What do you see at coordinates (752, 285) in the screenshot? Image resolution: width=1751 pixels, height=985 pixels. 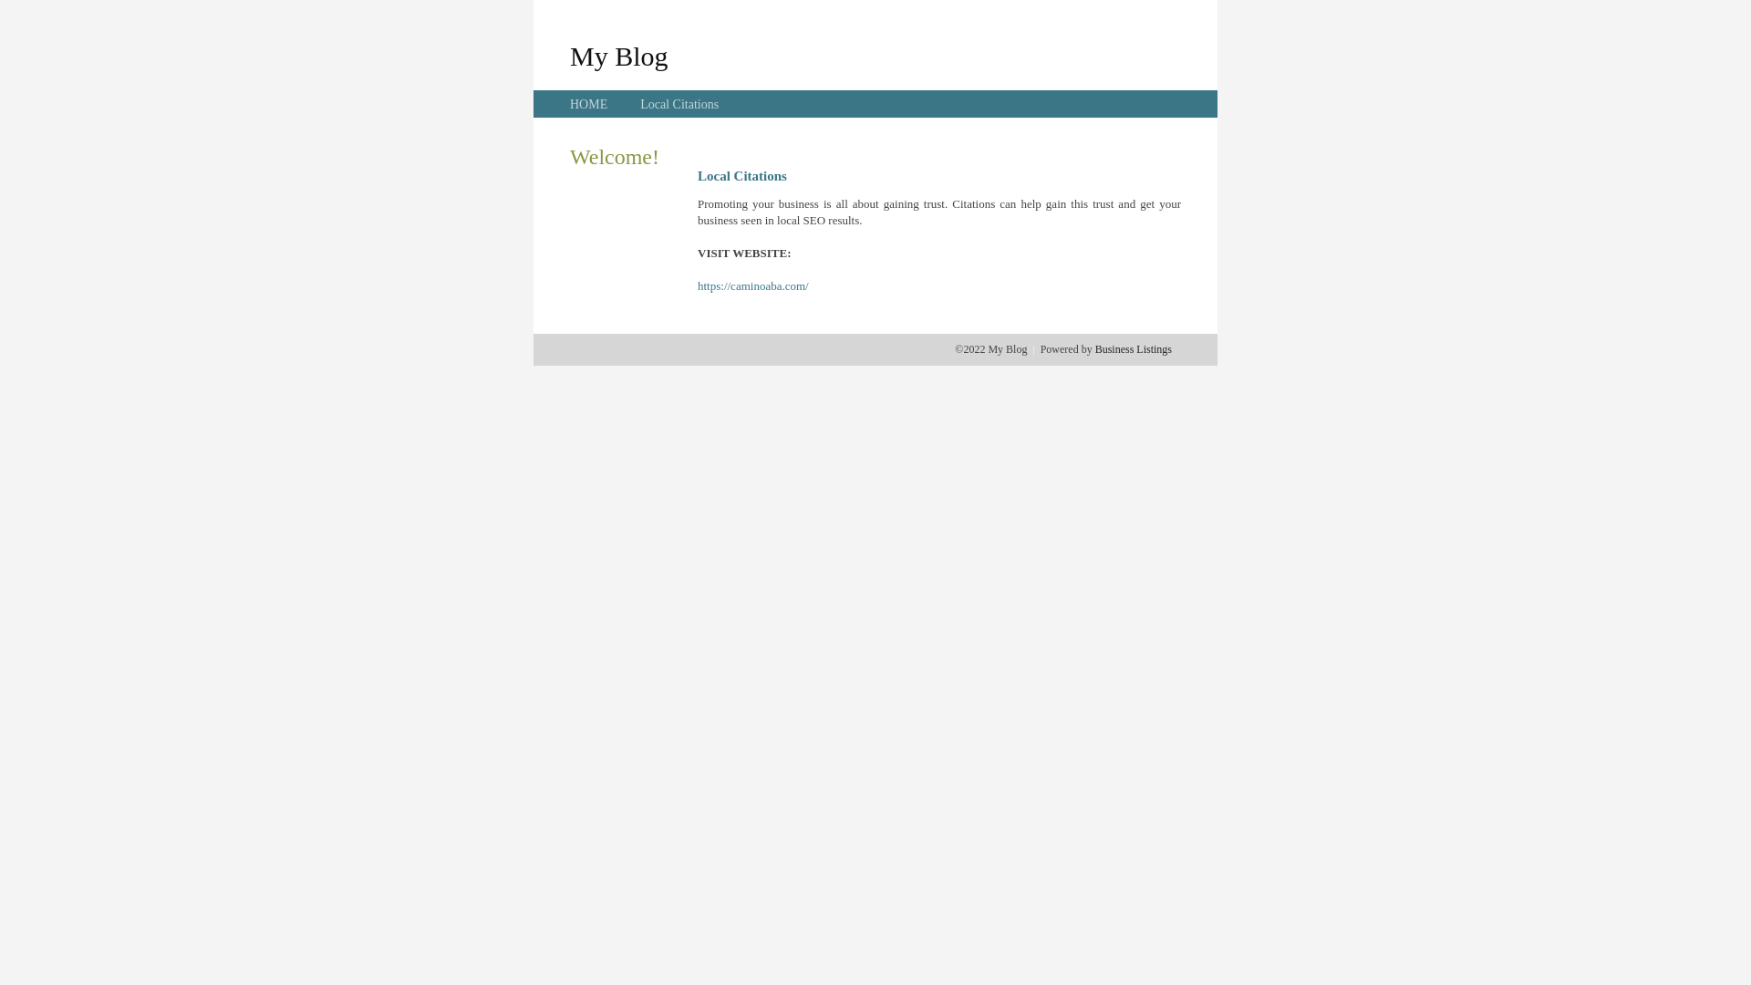 I see `'https://caminoaba.com/'` at bounding box center [752, 285].